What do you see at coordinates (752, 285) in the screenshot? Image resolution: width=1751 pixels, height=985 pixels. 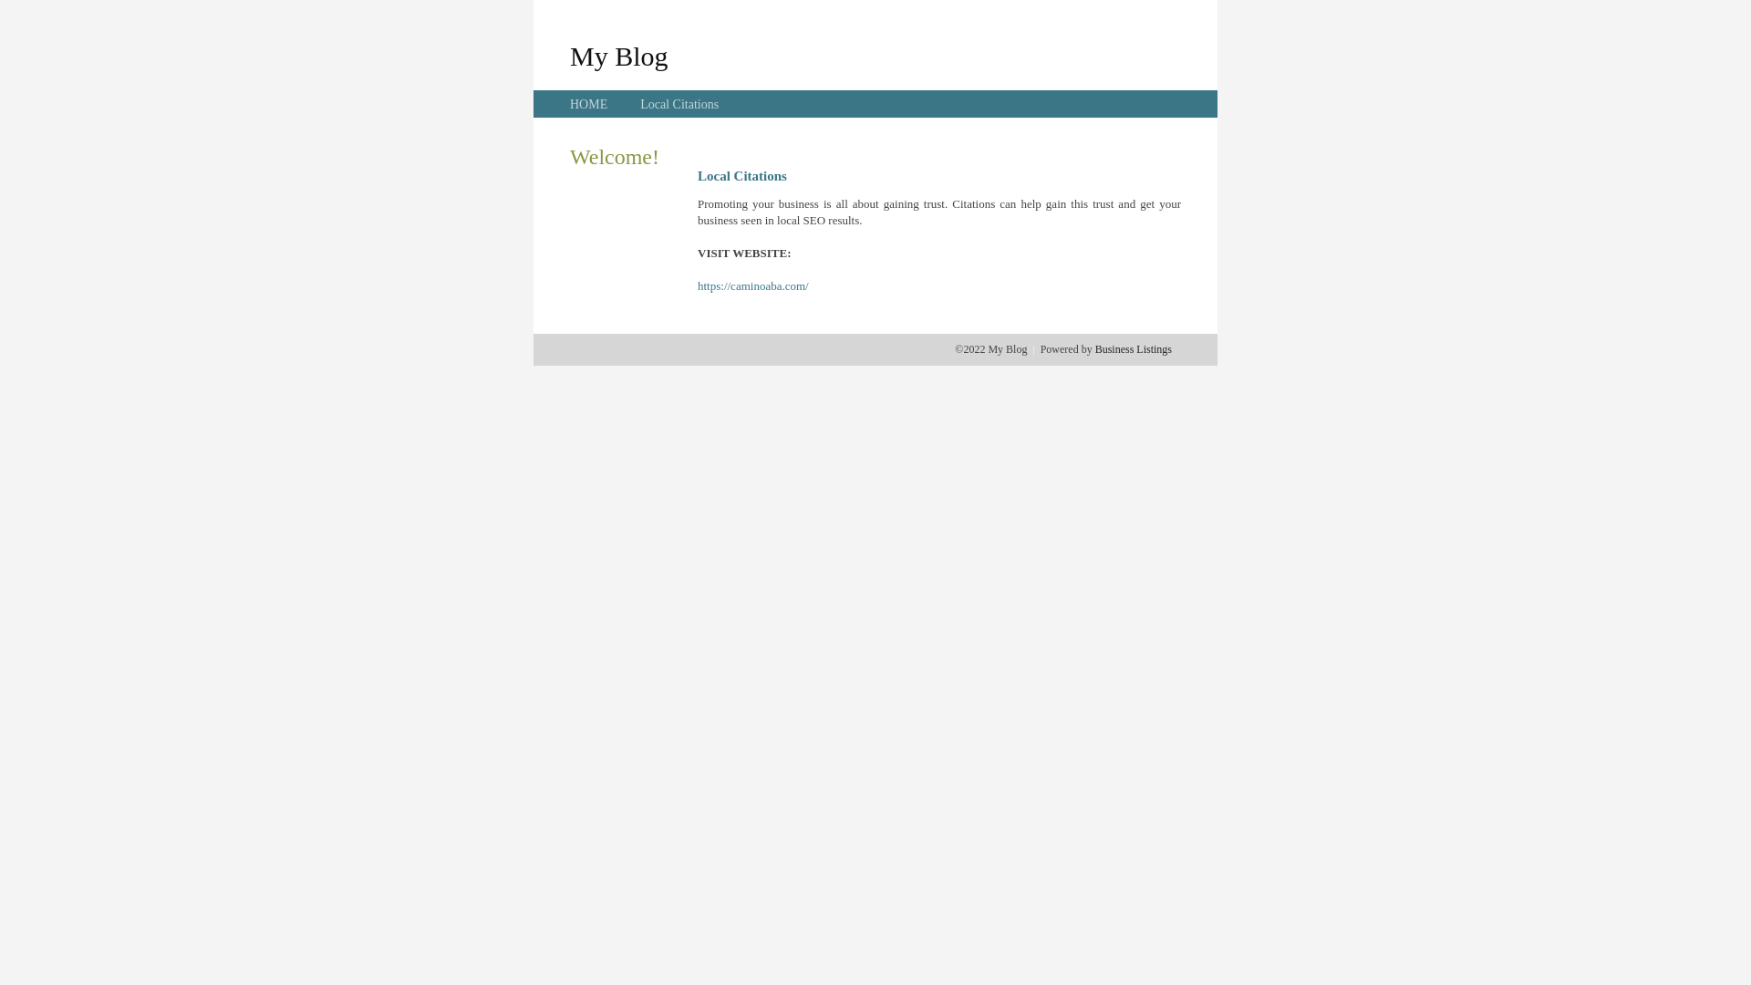 I see `'https://caminoaba.com/'` at bounding box center [752, 285].